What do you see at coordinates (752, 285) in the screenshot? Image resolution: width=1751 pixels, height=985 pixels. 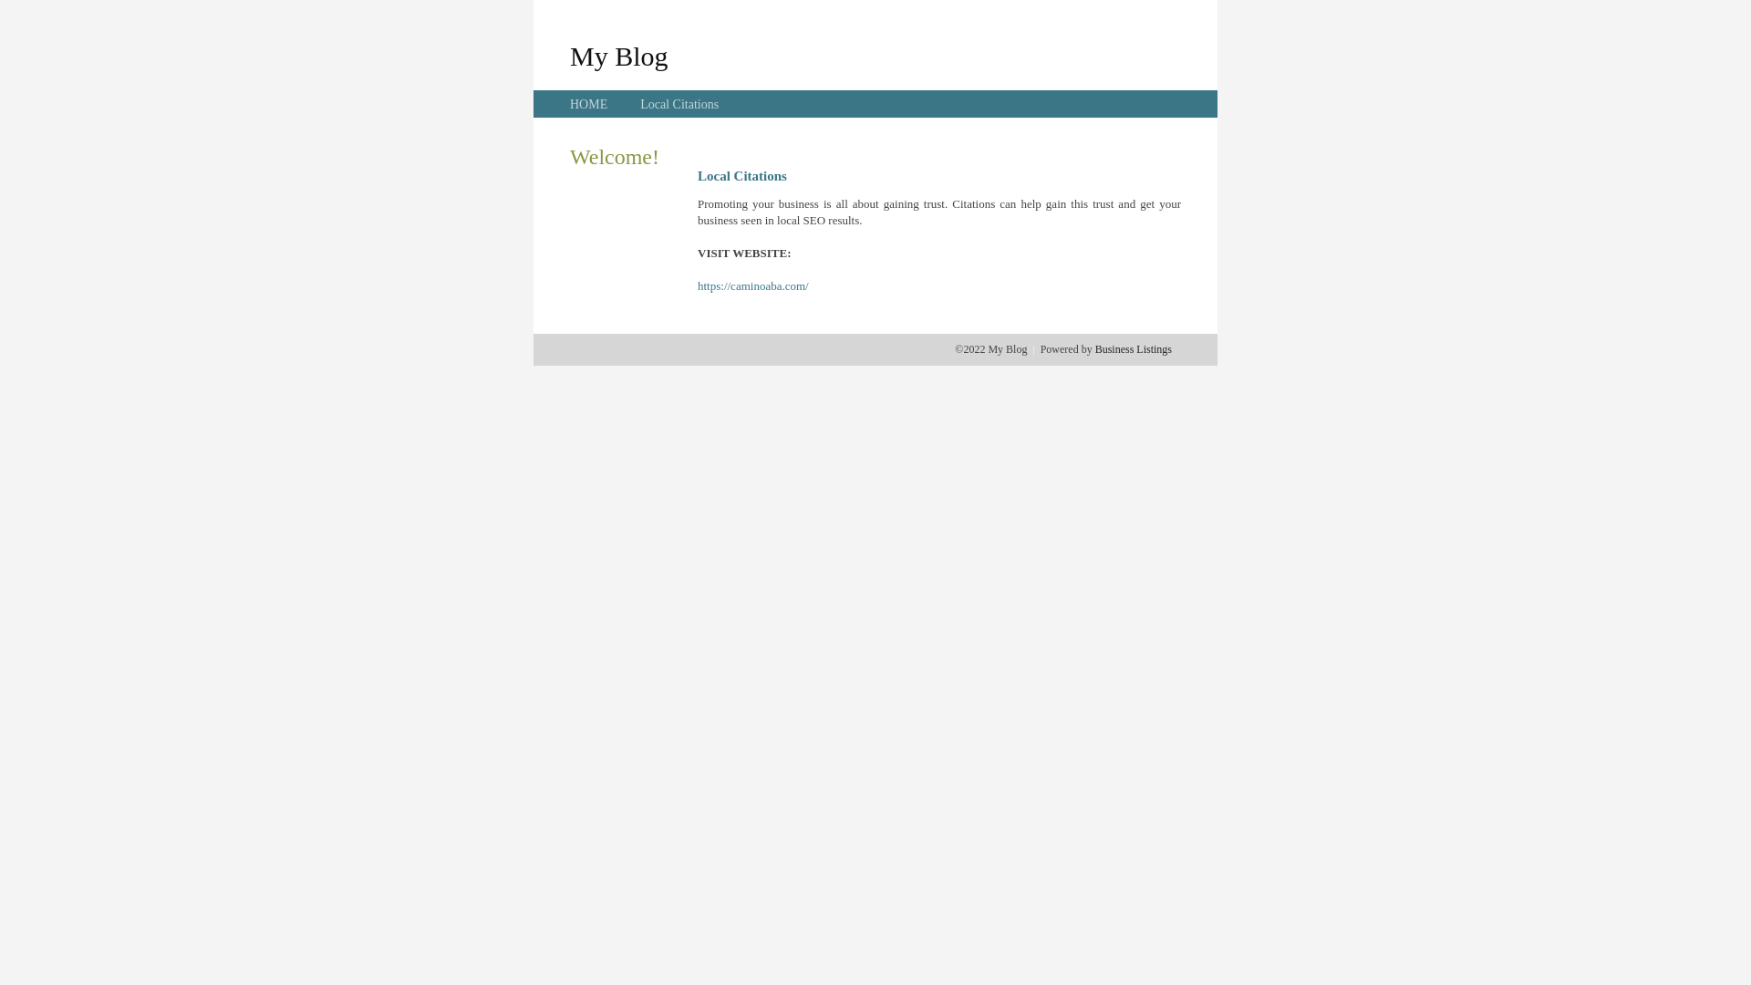 I see `'https://caminoaba.com/'` at bounding box center [752, 285].